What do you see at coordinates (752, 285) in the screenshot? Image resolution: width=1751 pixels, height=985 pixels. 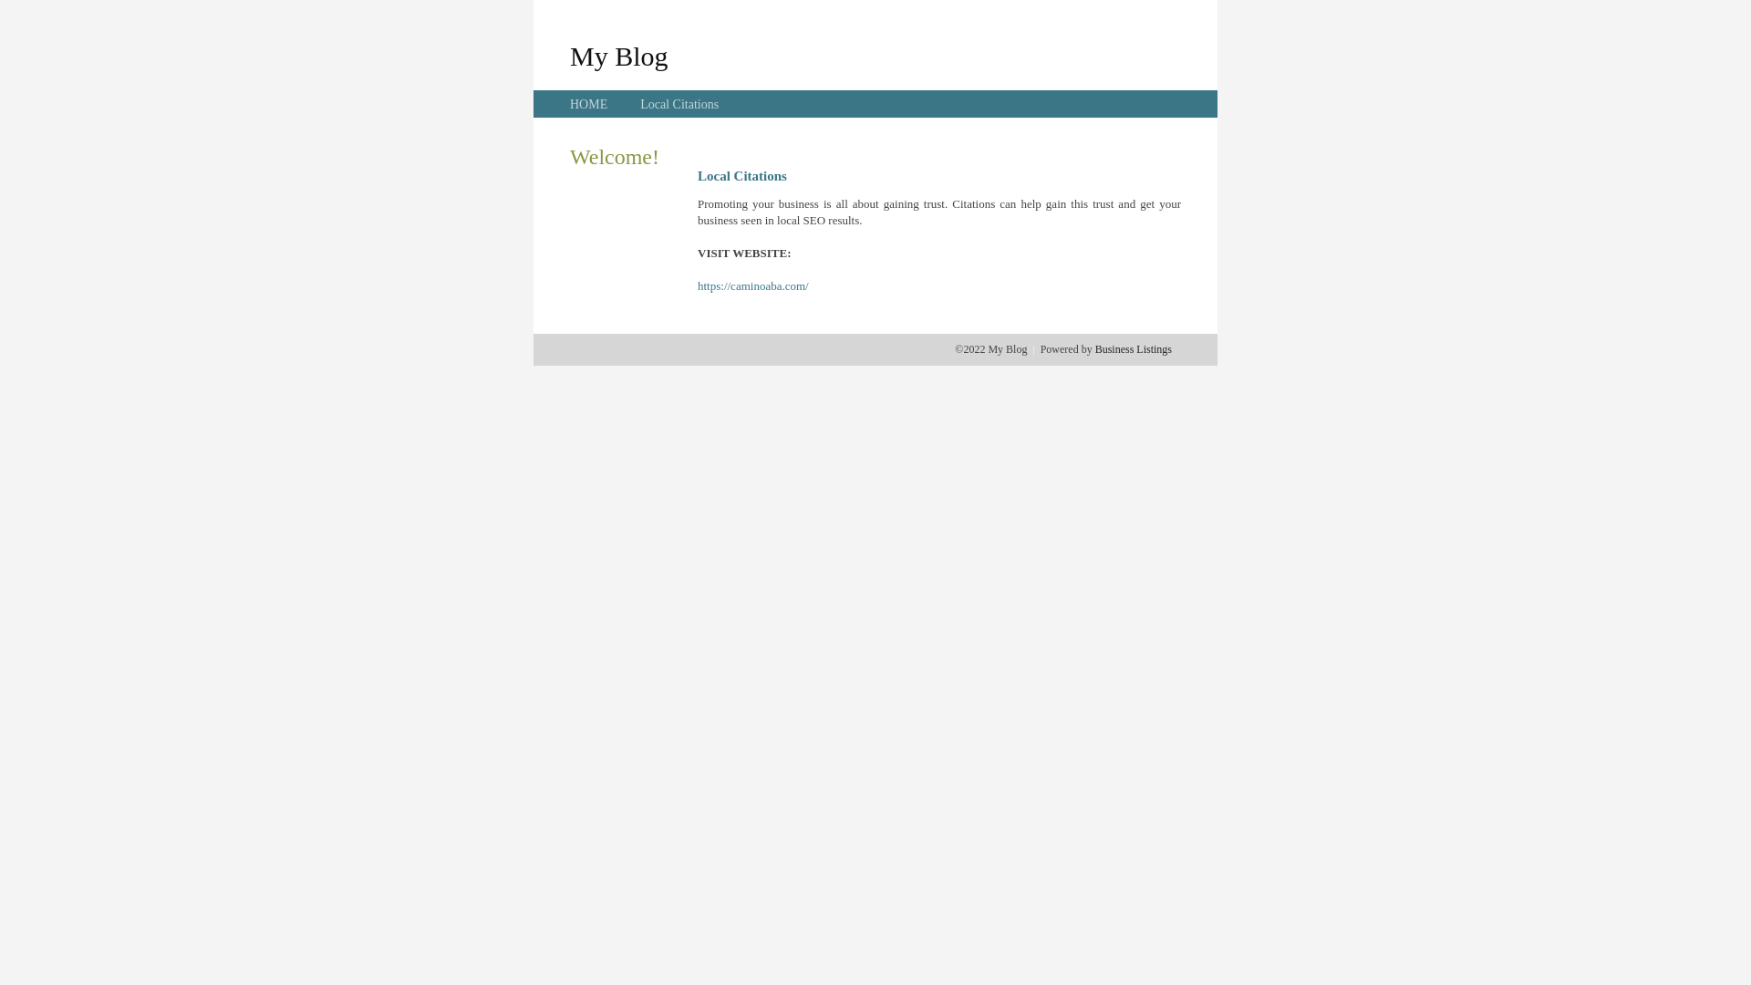 I see `'https://caminoaba.com/'` at bounding box center [752, 285].